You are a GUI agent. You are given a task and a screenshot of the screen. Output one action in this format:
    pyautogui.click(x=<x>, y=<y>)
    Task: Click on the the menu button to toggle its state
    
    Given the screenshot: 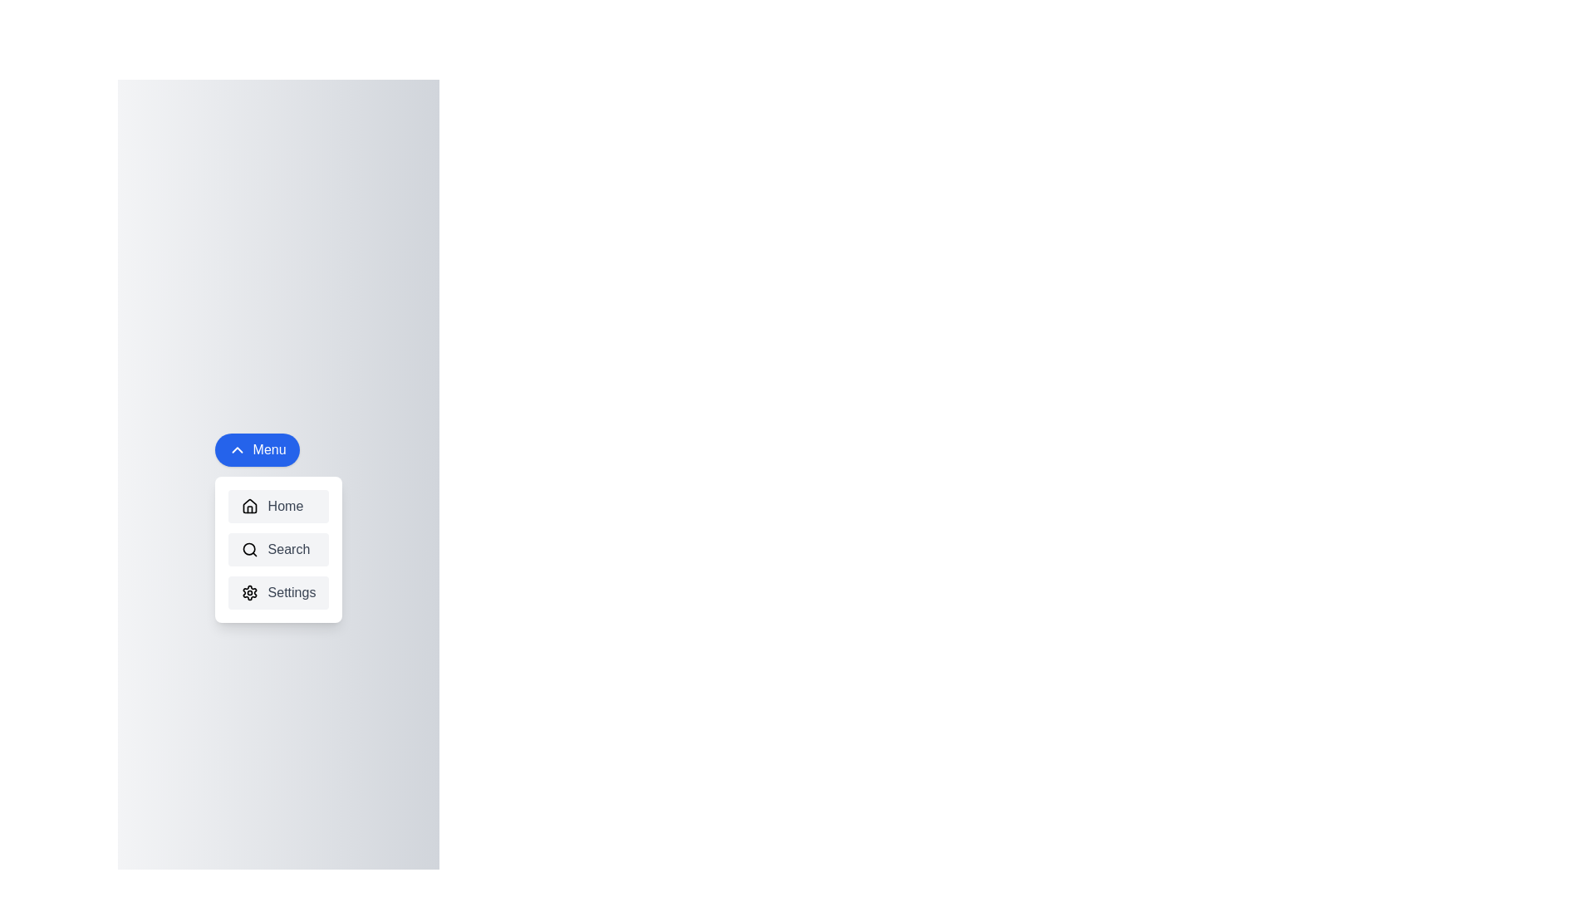 What is the action you would take?
    pyautogui.click(x=256, y=450)
    